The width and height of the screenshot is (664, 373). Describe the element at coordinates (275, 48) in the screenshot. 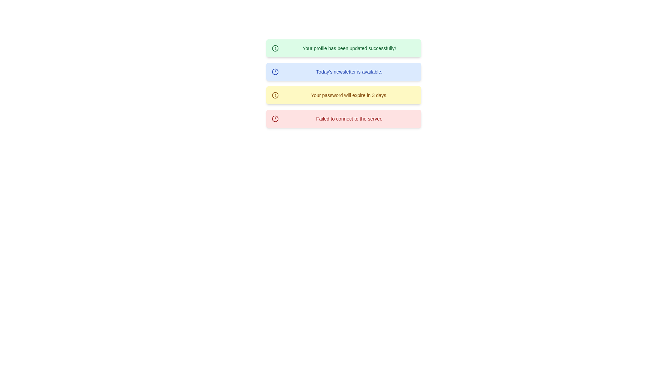

I see `the warning or informational icon located to the left of the notification box that displays 'Your profile has been updated successfully!', centered vertically` at that location.